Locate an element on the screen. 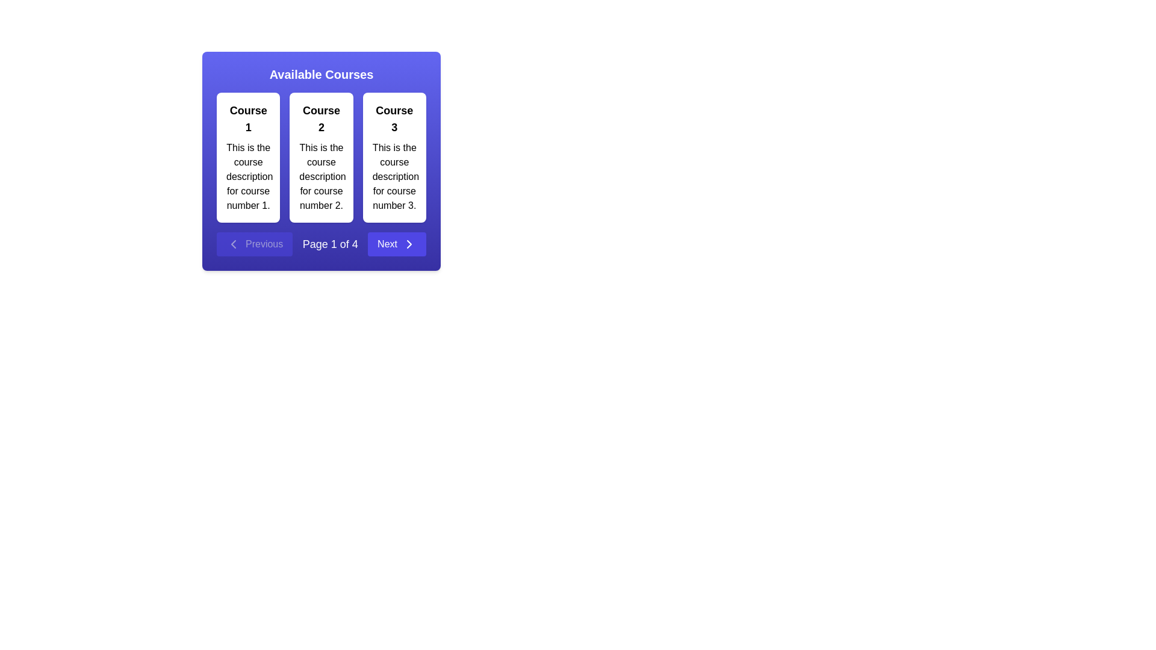 The height and width of the screenshot is (650, 1156). the 'Next' button is located at coordinates (409, 244).